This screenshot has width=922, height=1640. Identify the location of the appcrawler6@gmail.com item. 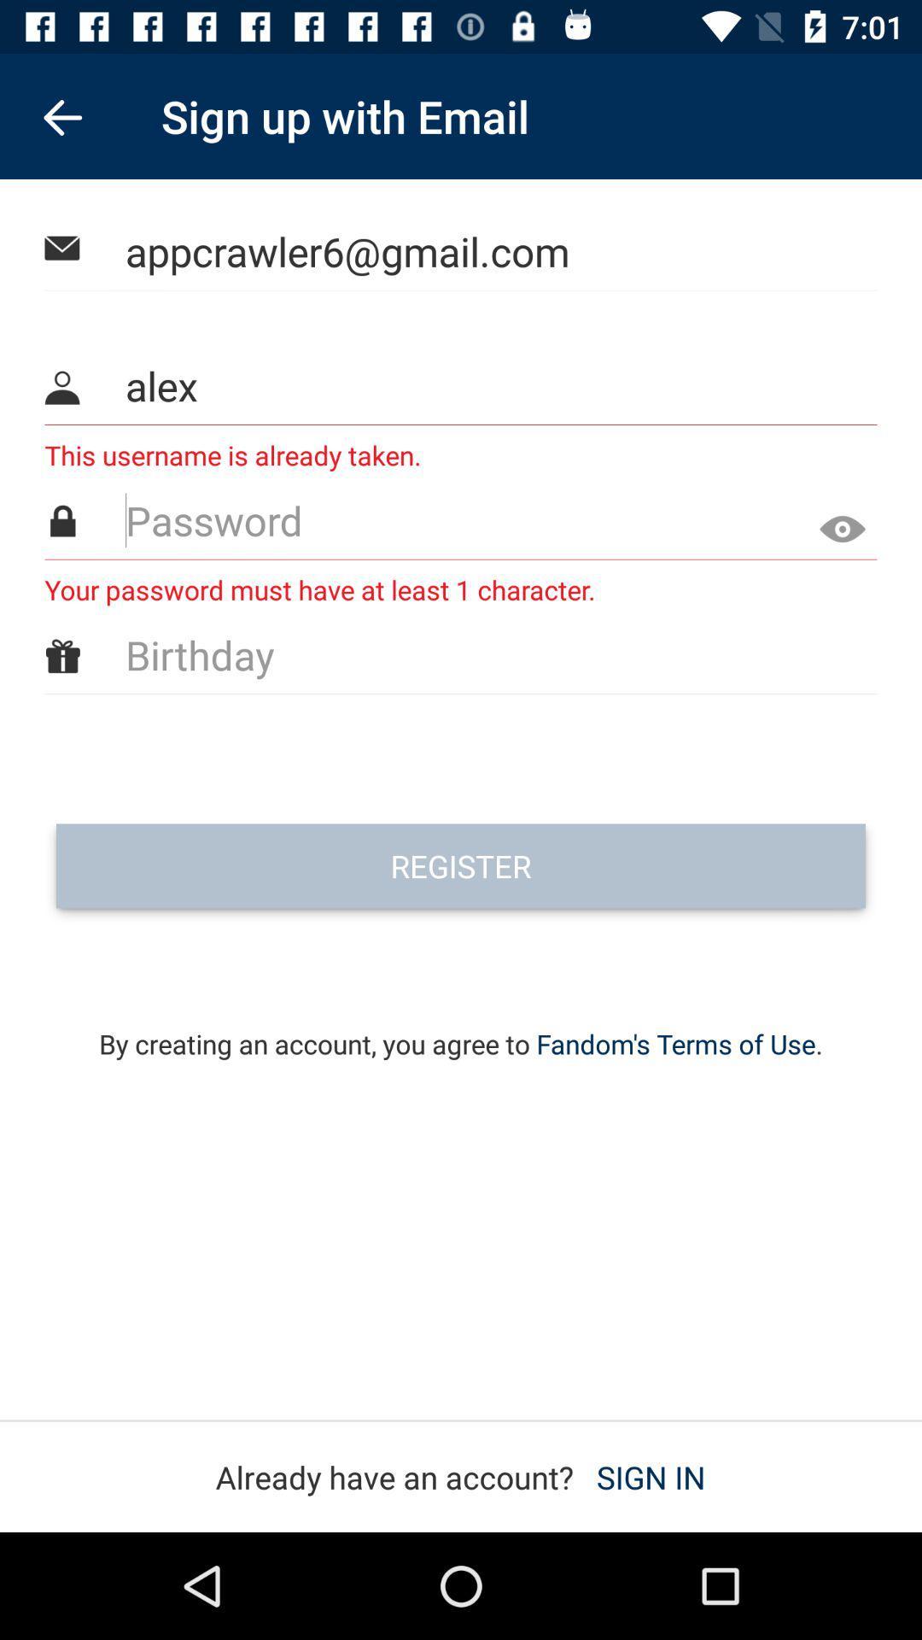
(462, 250).